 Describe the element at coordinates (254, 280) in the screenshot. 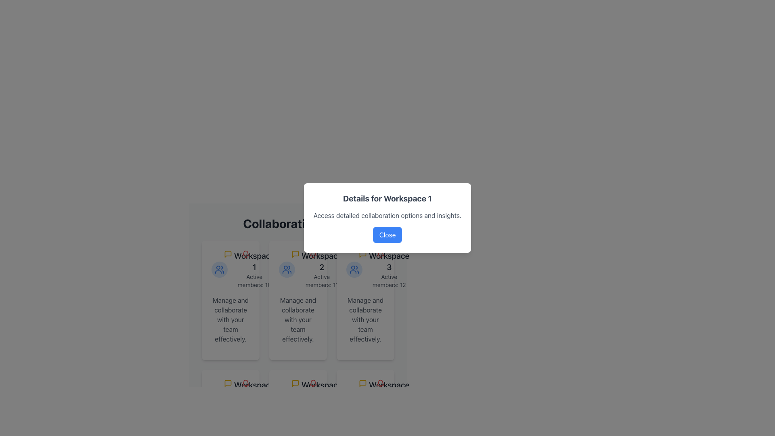

I see `the text label that displays 'Active members: 10', which is located below the 'Workspace 1' label in the first workspace card` at that location.